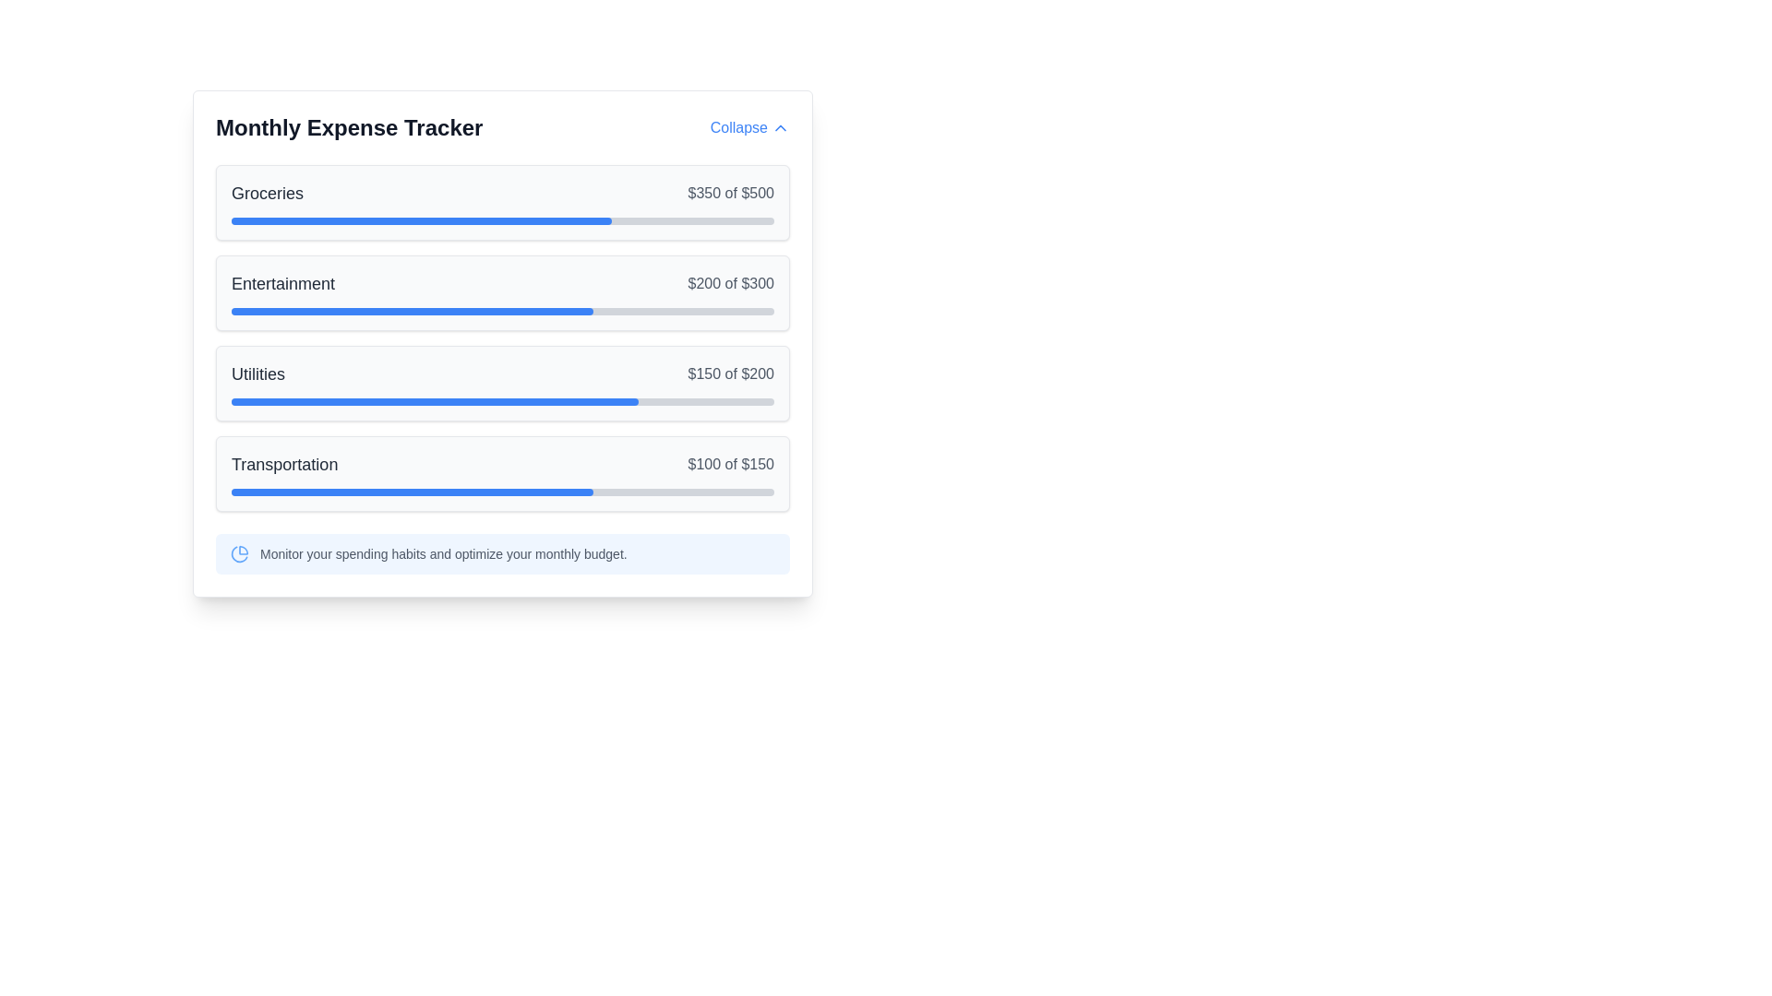 This screenshot has height=996, width=1772. I want to click on the chevron icon with a thin black outline and upward-pointing arrow shape, located next to the text 'Collapse', so click(780, 126).